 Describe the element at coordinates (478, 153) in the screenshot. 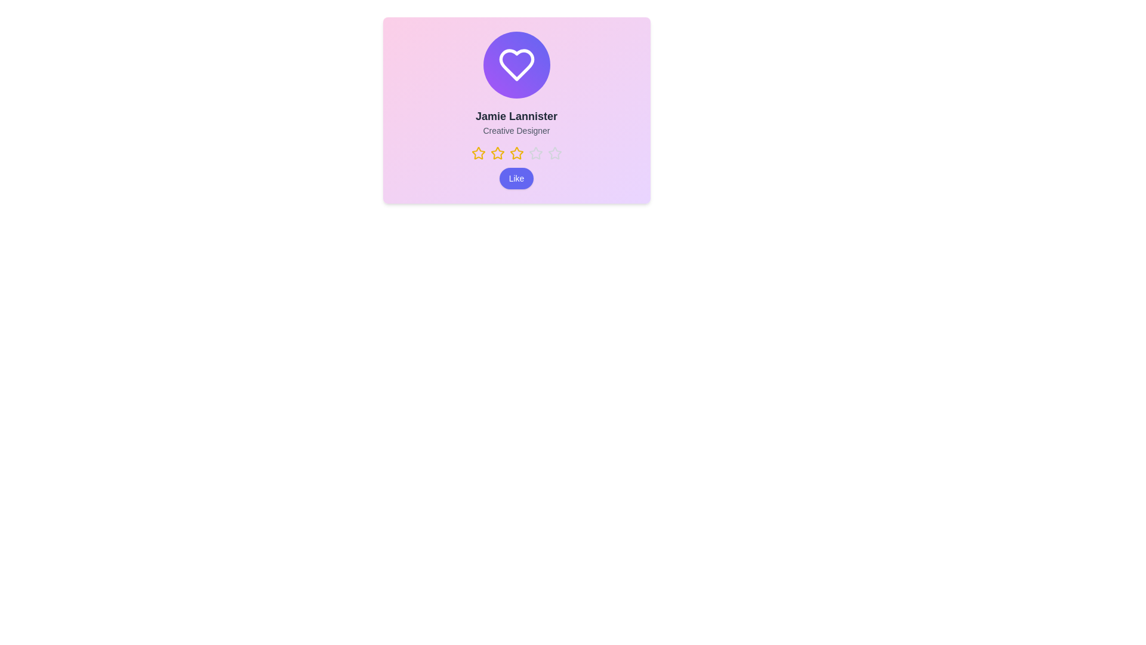

I see `the first star icon in the rating system for user rating selection, located below the text 'Jamie Lannister' and above the 'Like' button` at that location.